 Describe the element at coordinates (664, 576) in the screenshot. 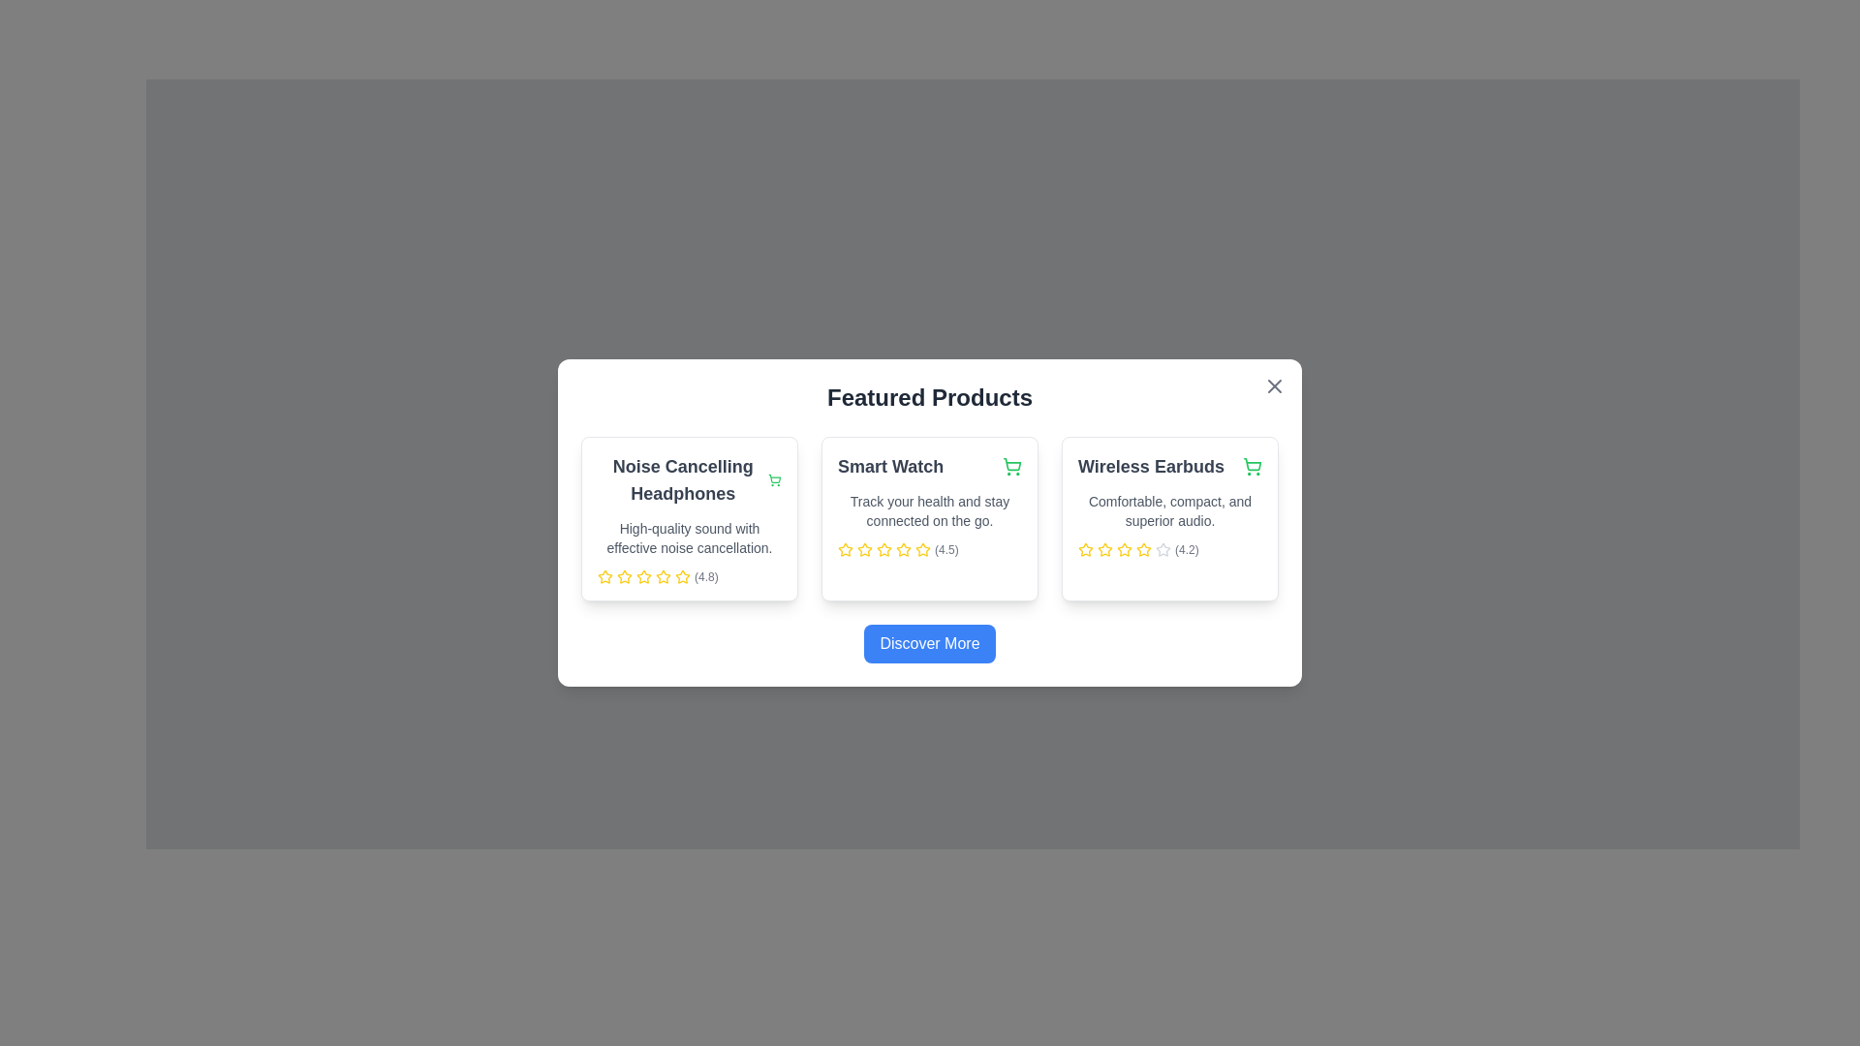

I see `the second yellow star icon in the user rating section of the 'Noise Cancelling Headphones' card` at that location.